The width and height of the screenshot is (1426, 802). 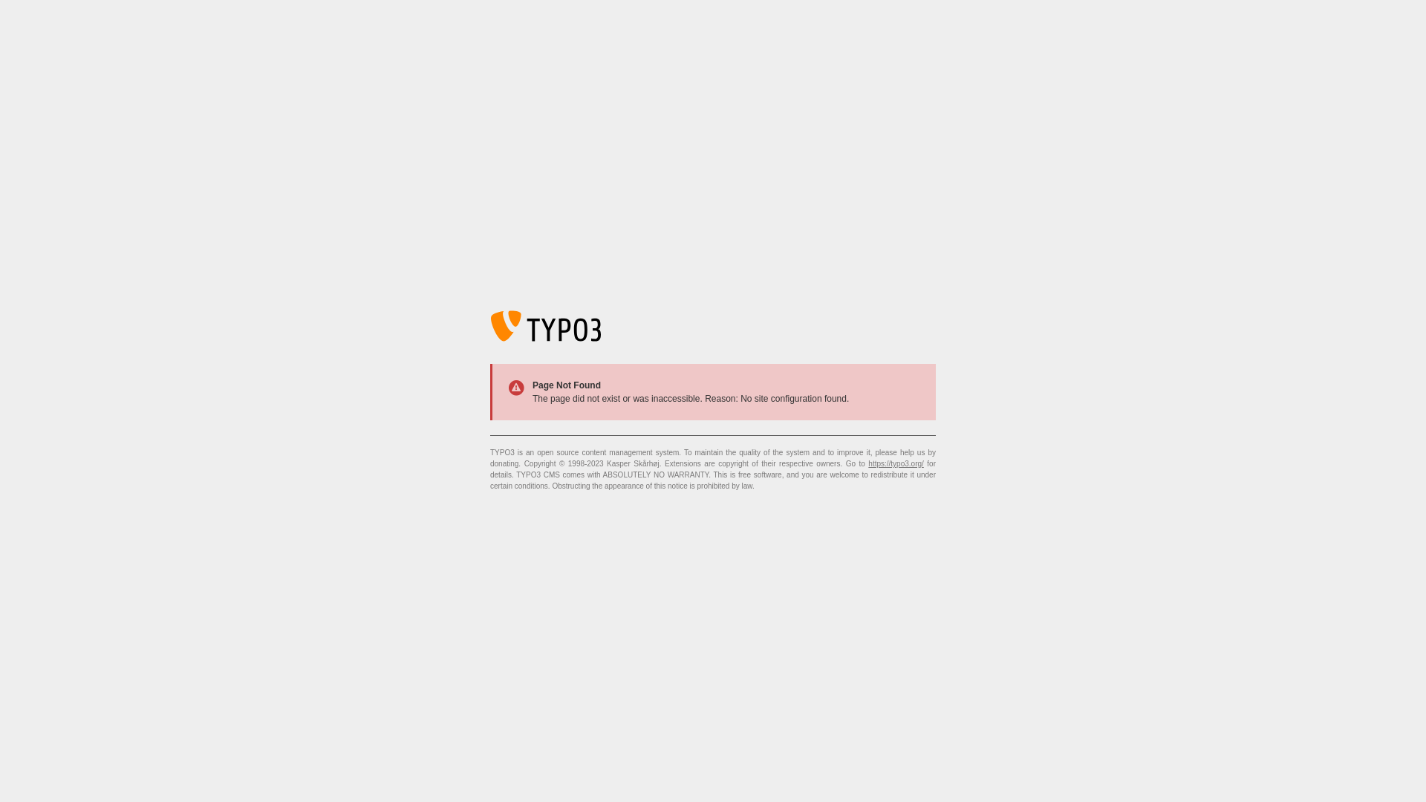 I want to click on 'https://typo3.org/', so click(x=895, y=463).